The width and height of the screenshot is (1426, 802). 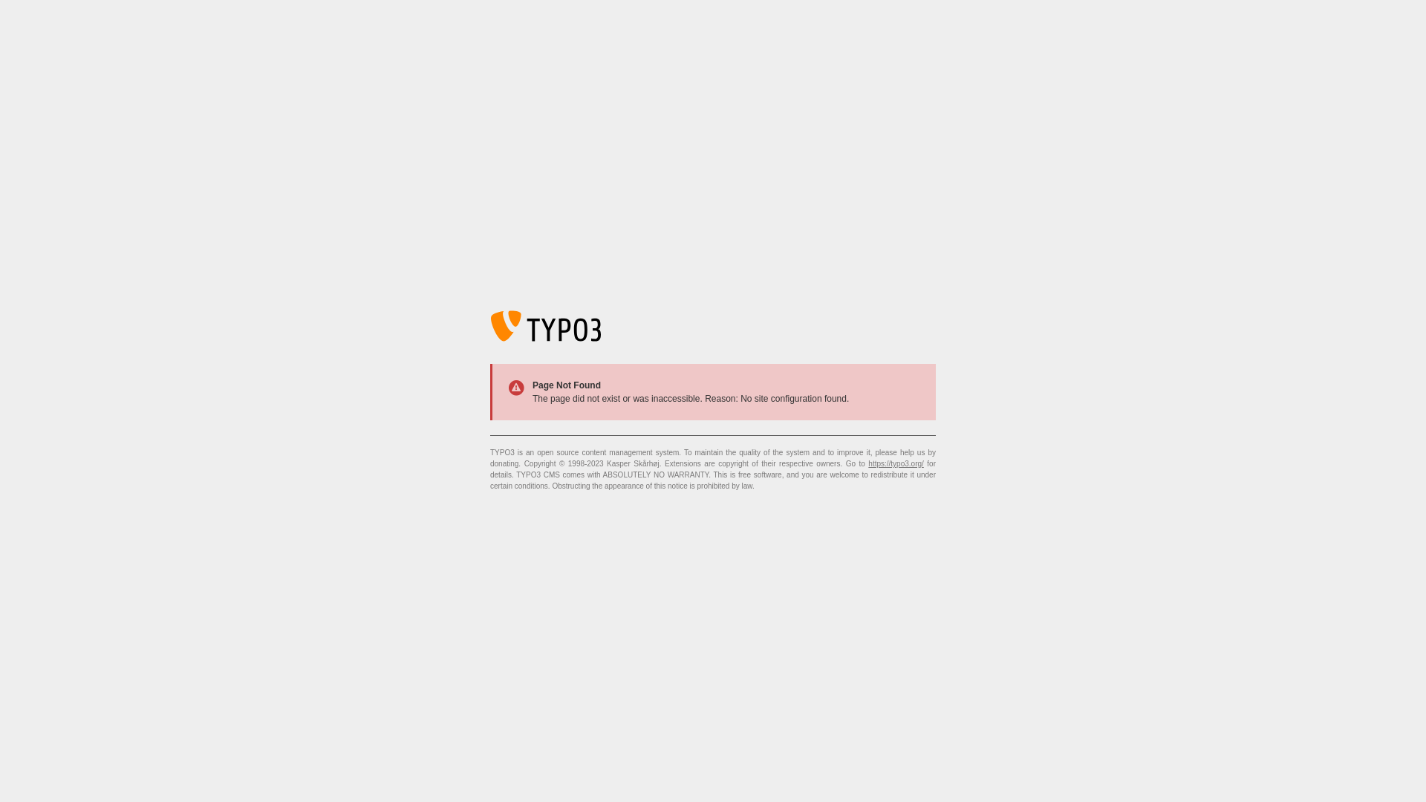 I want to click on 'https://typo3.org/', so click(x=895, y=463).